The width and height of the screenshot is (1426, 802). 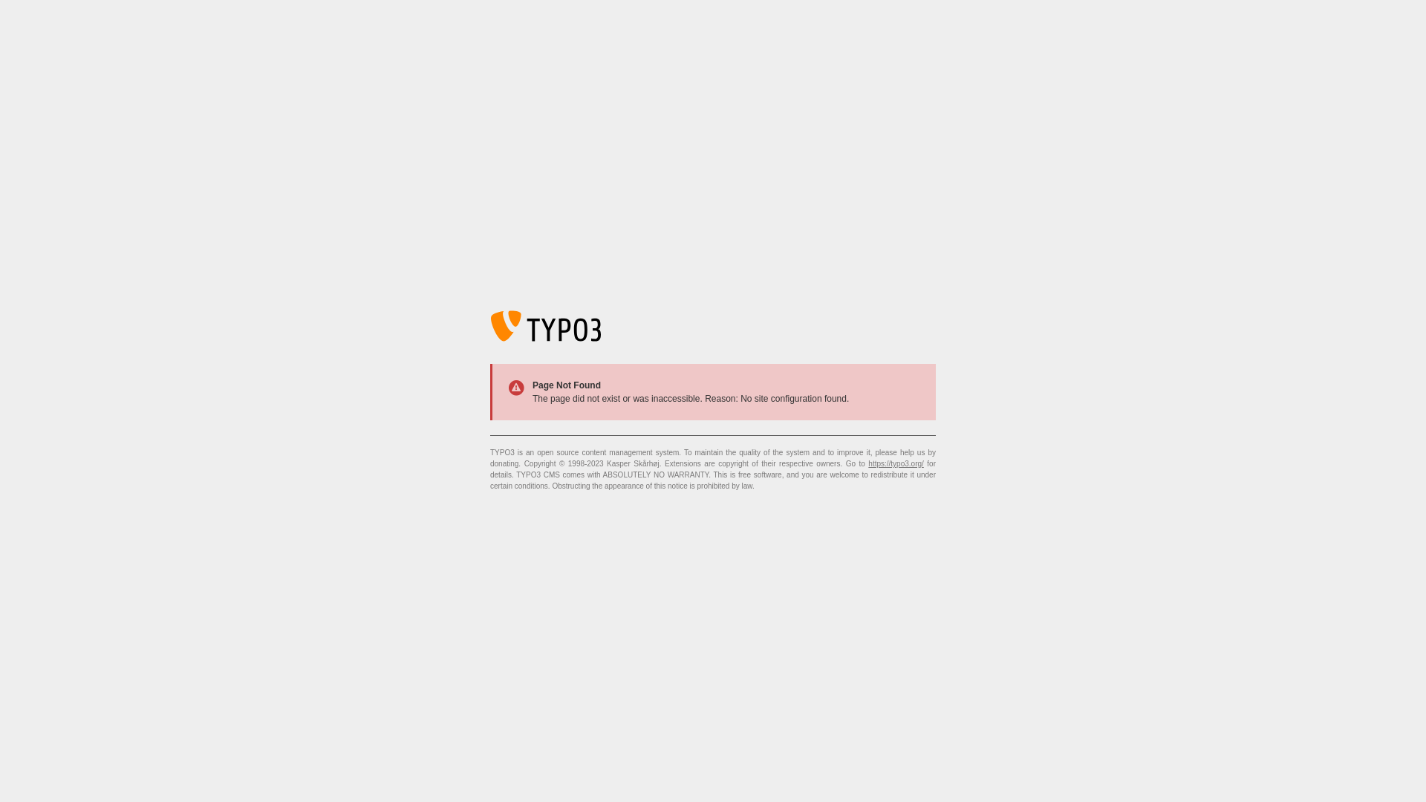 I want to click on 'https://typo3.org/', so click(x=895, y=463).